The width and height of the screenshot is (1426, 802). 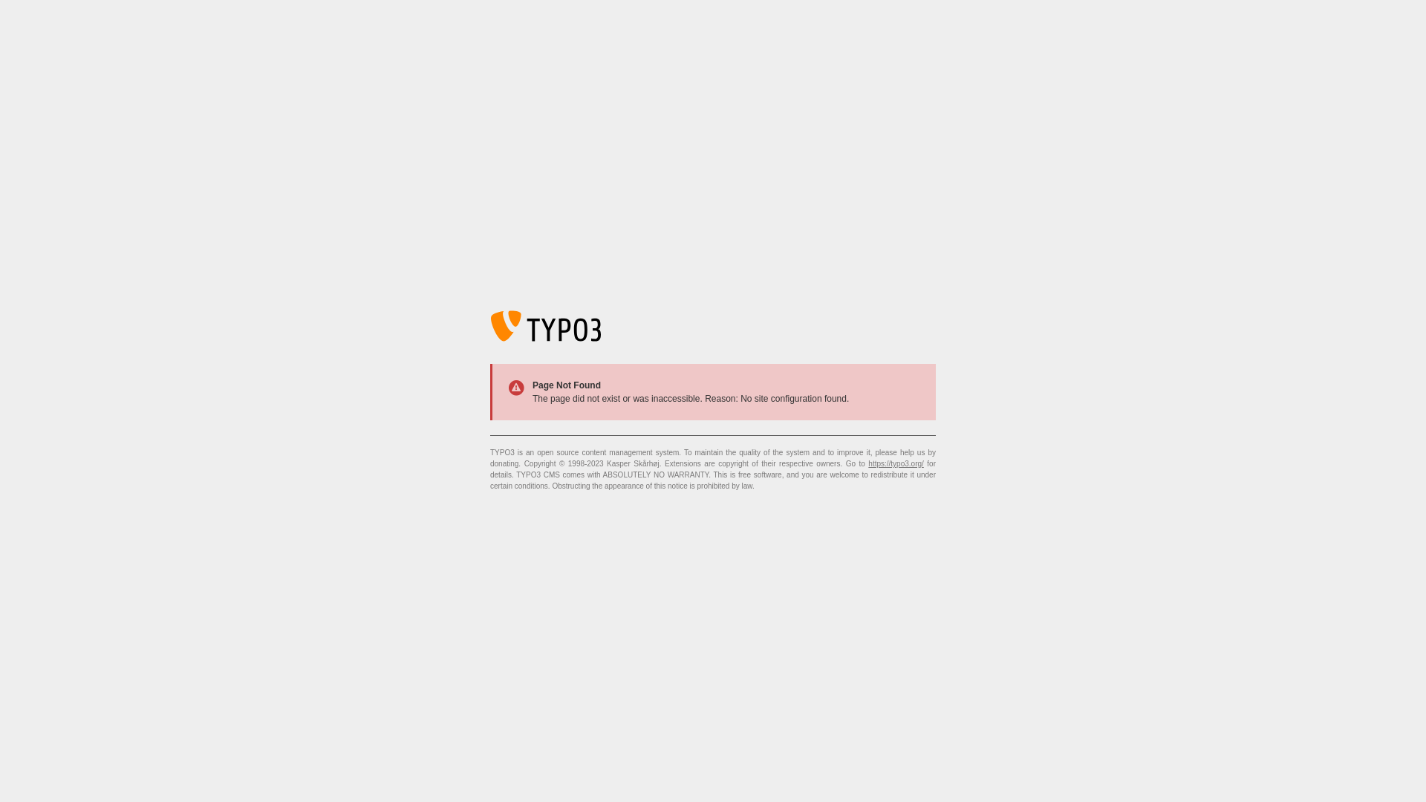 I want to click on 'https://typo3.org/', so click(x=895, y=463).